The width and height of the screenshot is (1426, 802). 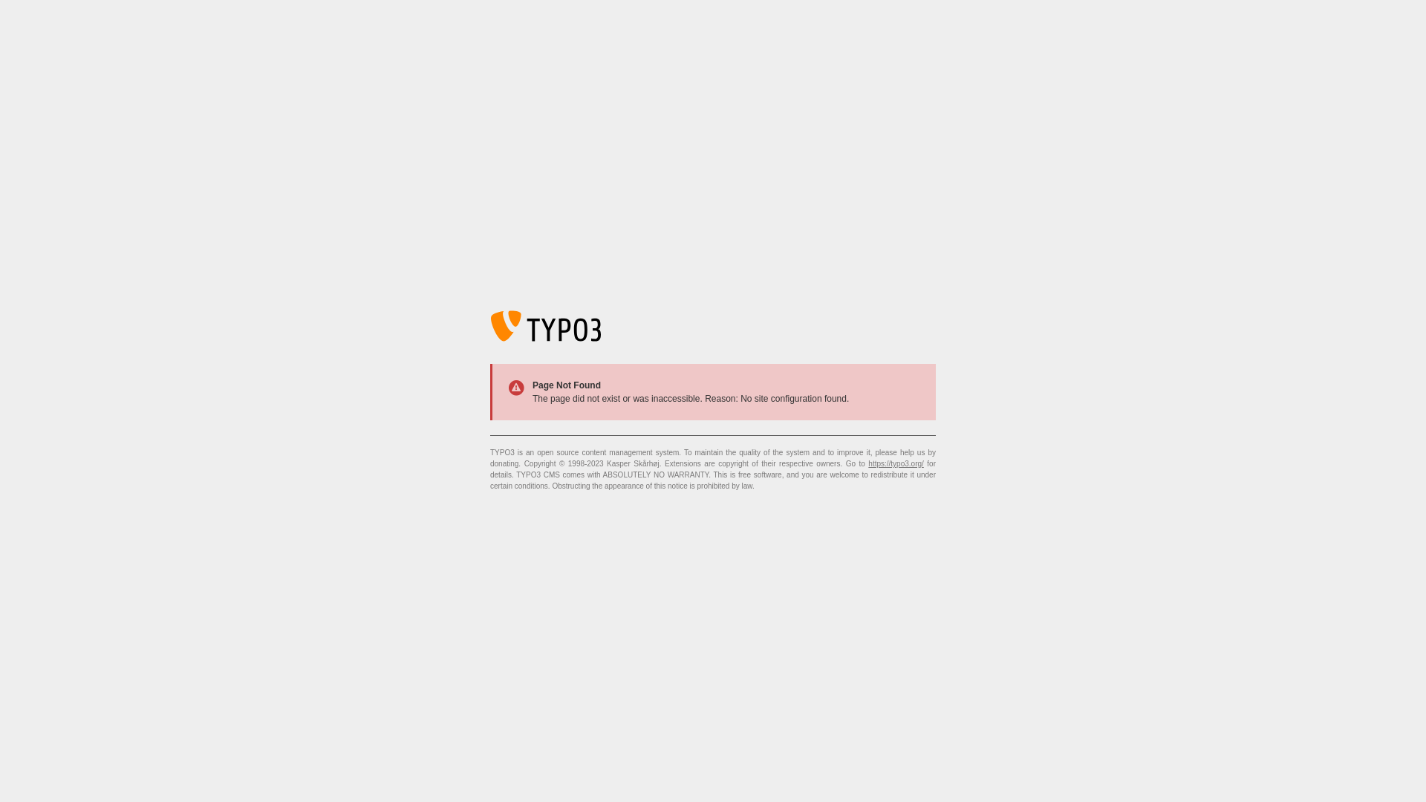 I want to click on 'https://typo3.org/', so click(x=895, y=463).